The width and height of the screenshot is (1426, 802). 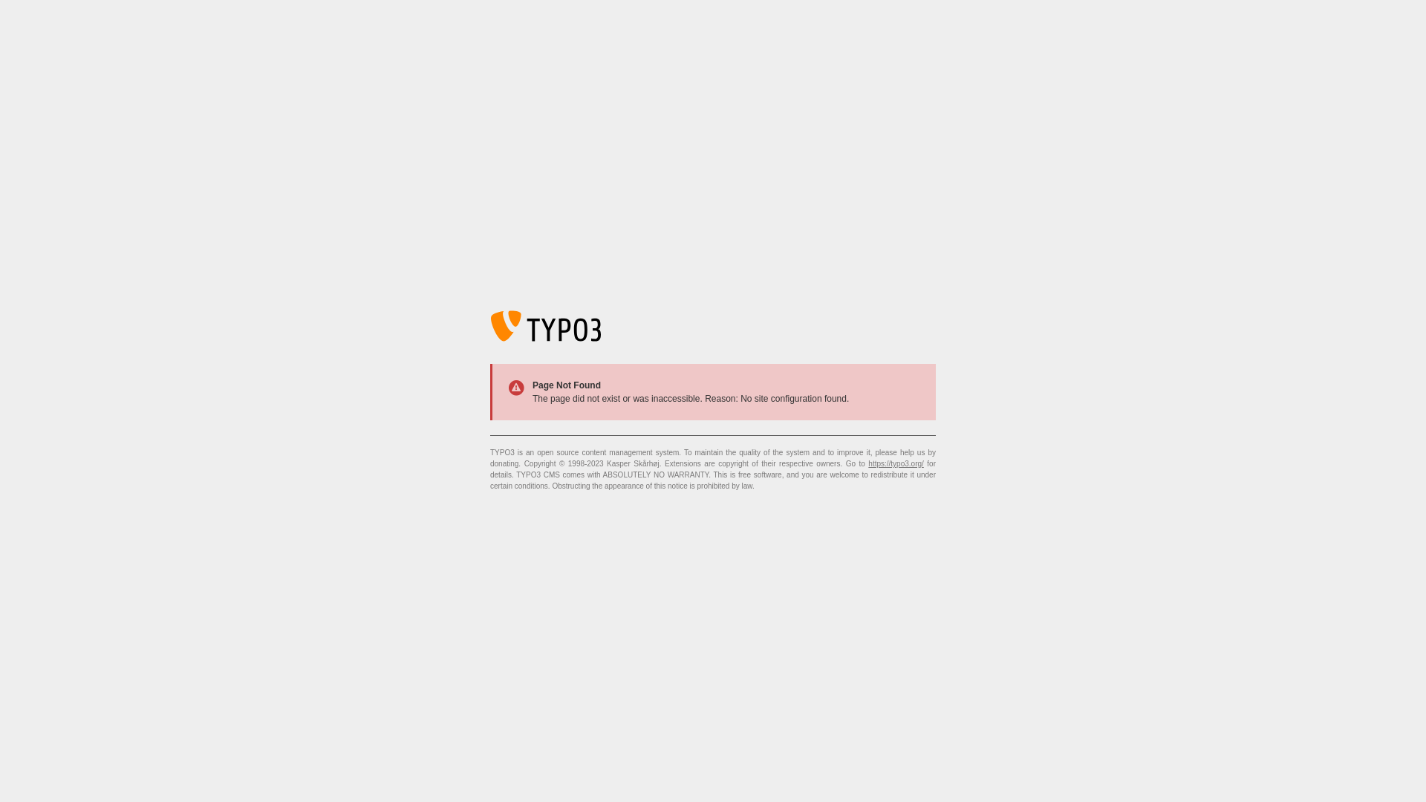 I want to click on 'https://typo3.org/', so click(x=895, y=463).